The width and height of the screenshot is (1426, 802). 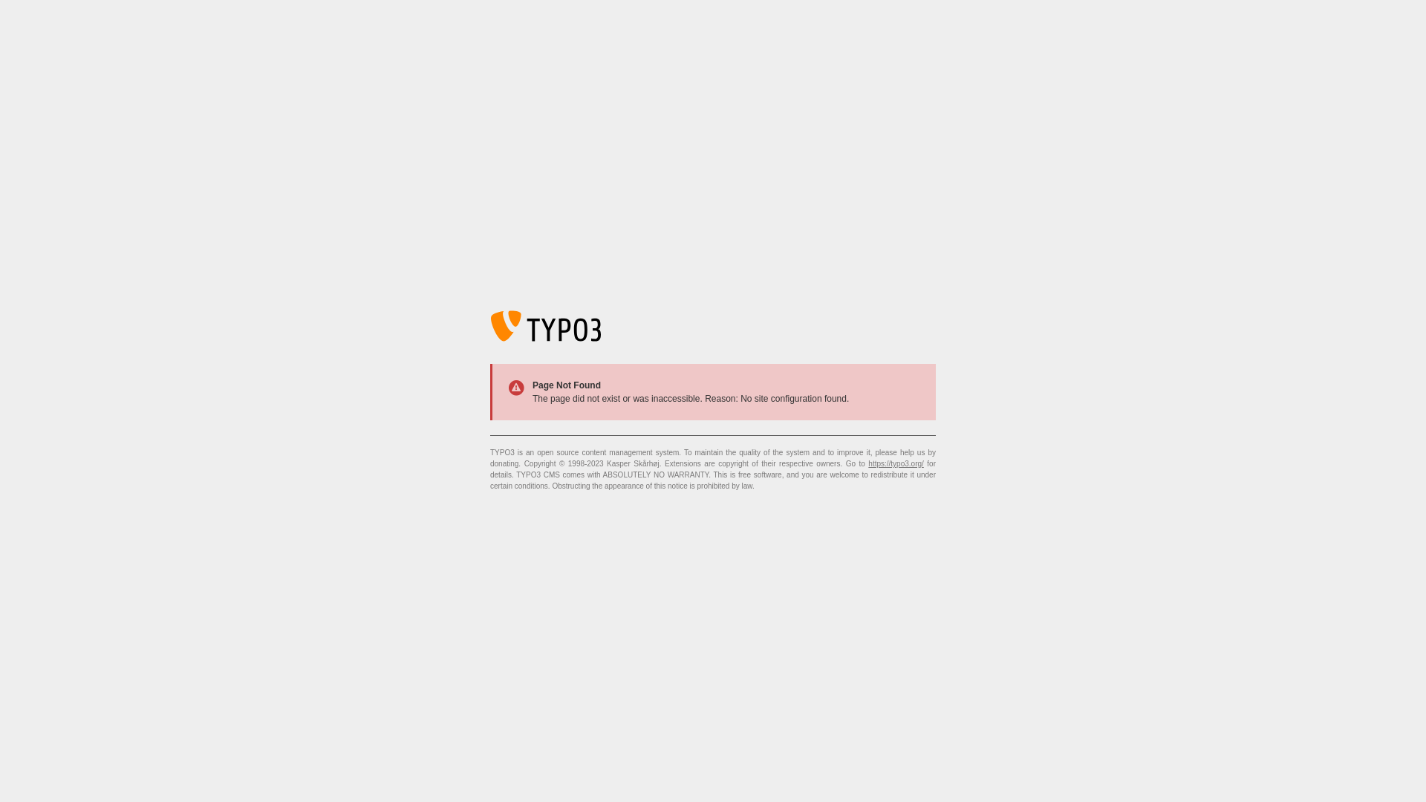 I want to click on 'https://typo3.org/', so click(x=895, y=463).